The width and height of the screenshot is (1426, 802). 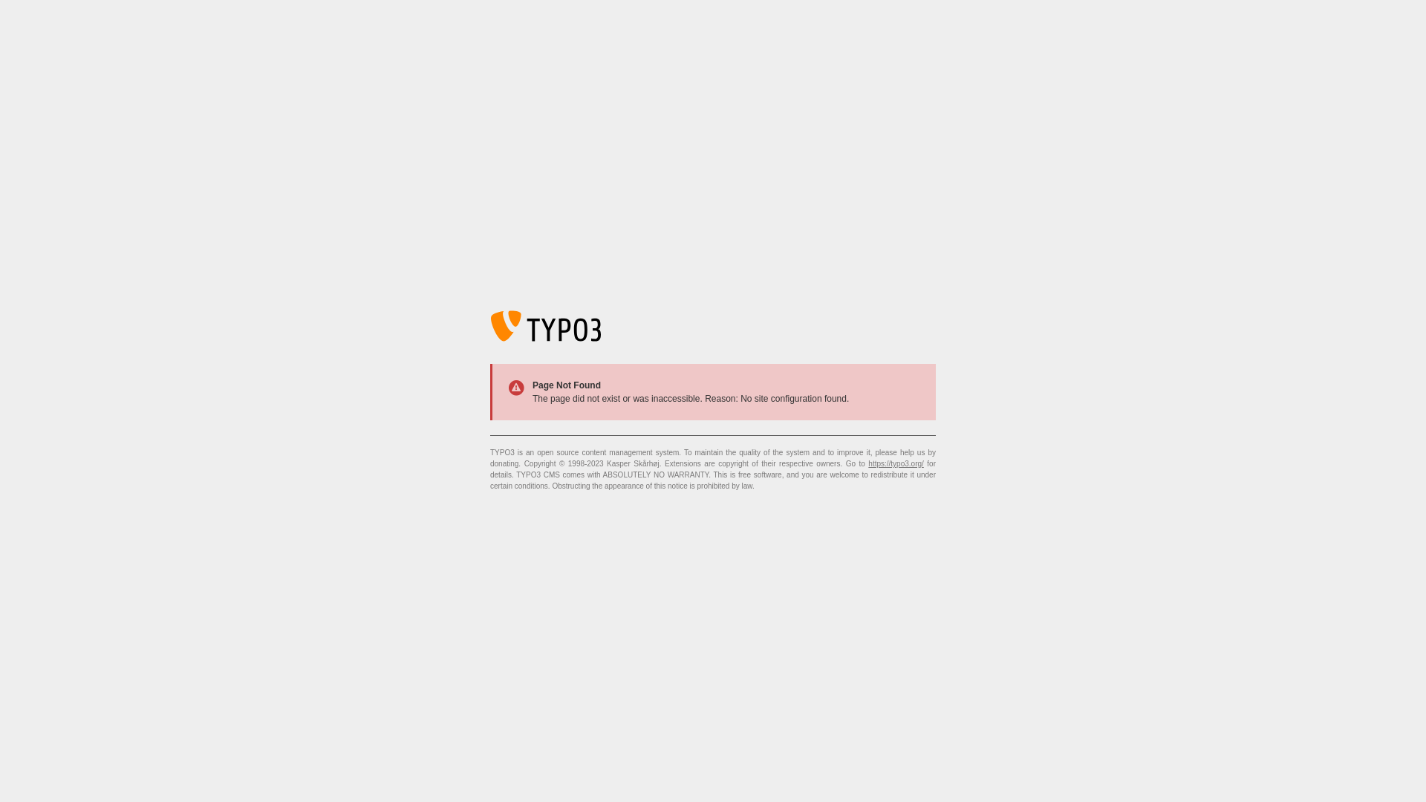 I want to click on 'https://typo3.org/', so click(x=895, y=463).